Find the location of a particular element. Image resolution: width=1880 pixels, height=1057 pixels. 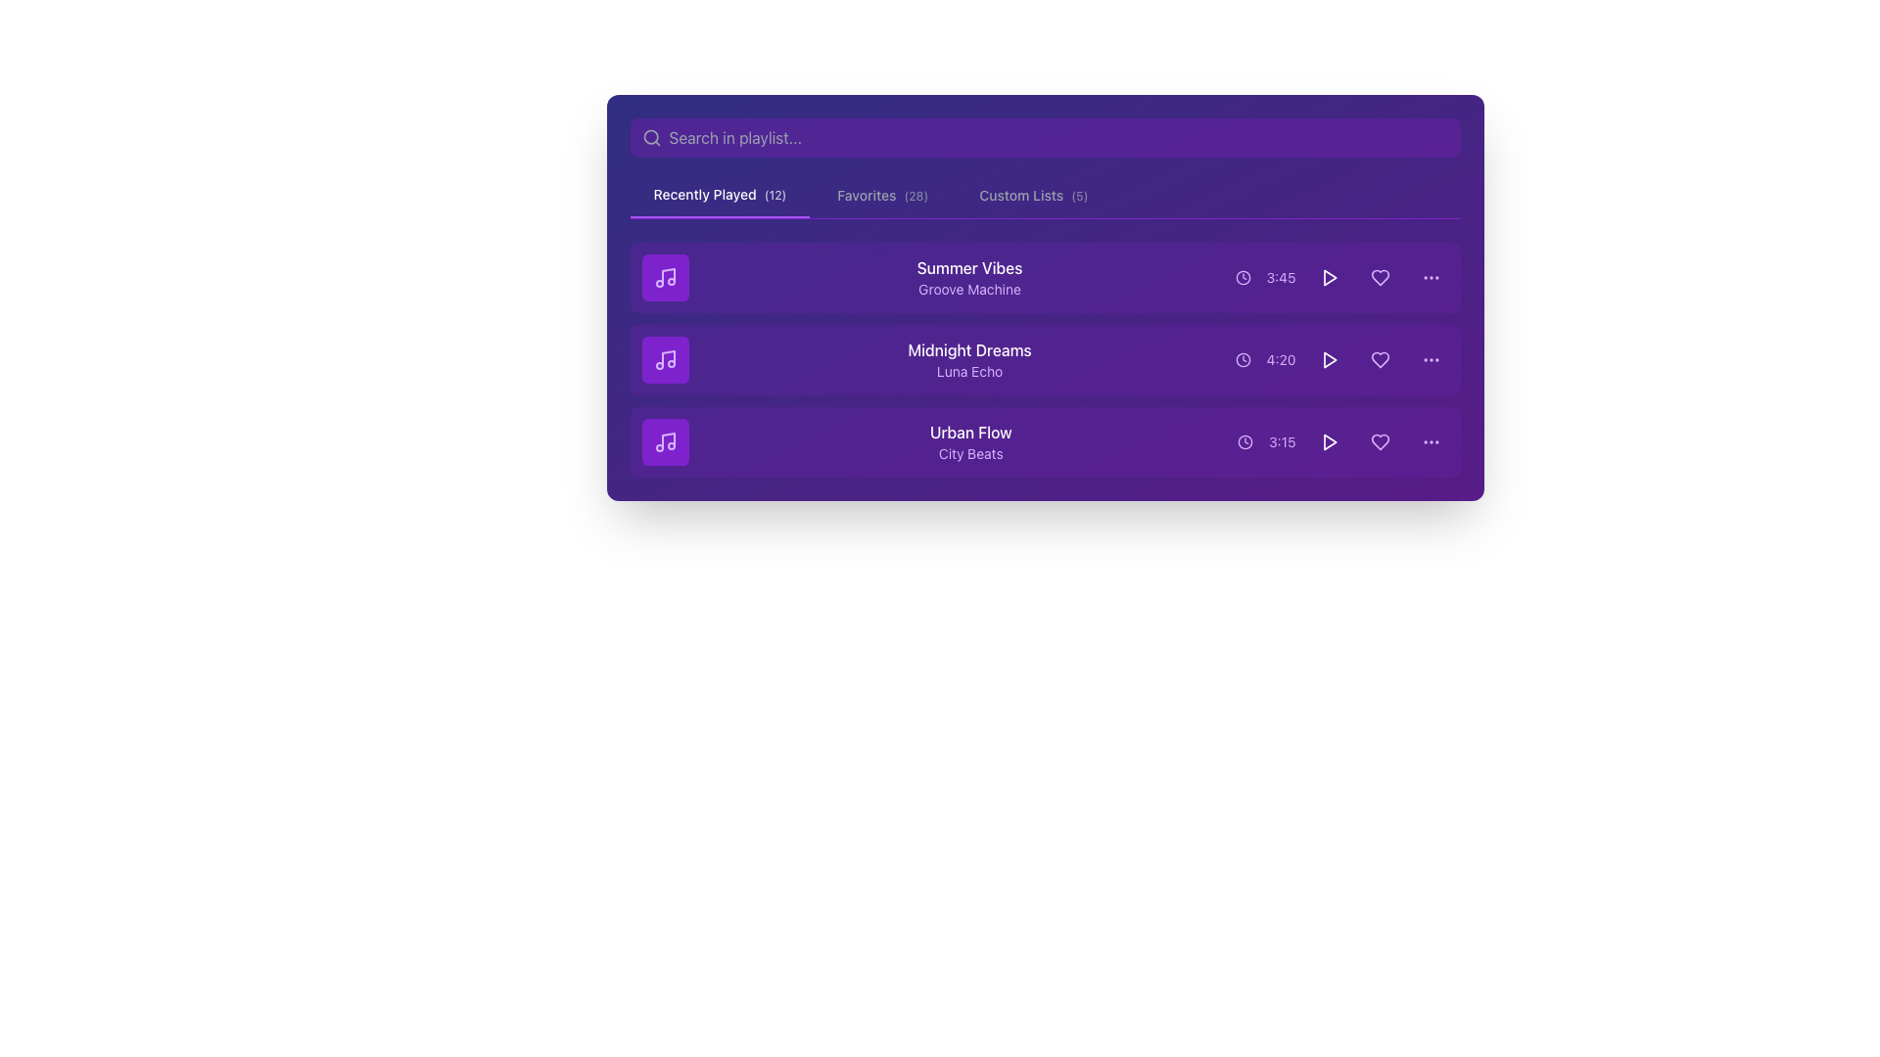

the ellipsis menu icon for the 'Midnight Dreams' playlist entry is located at coordinates (1431, 359).